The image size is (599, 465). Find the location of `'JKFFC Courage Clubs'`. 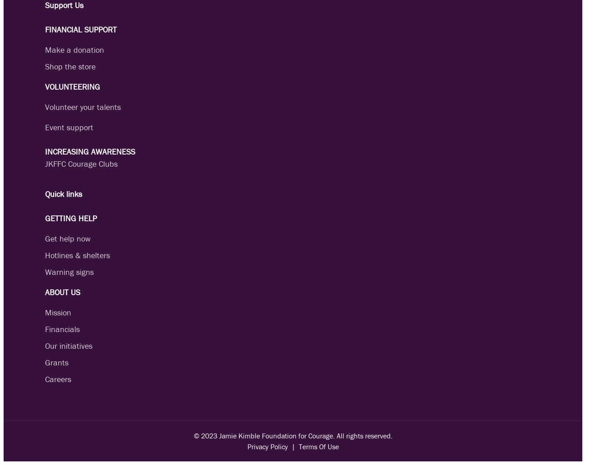

'JKFFC Courage Clubs' is located at coordinates (81, 164).